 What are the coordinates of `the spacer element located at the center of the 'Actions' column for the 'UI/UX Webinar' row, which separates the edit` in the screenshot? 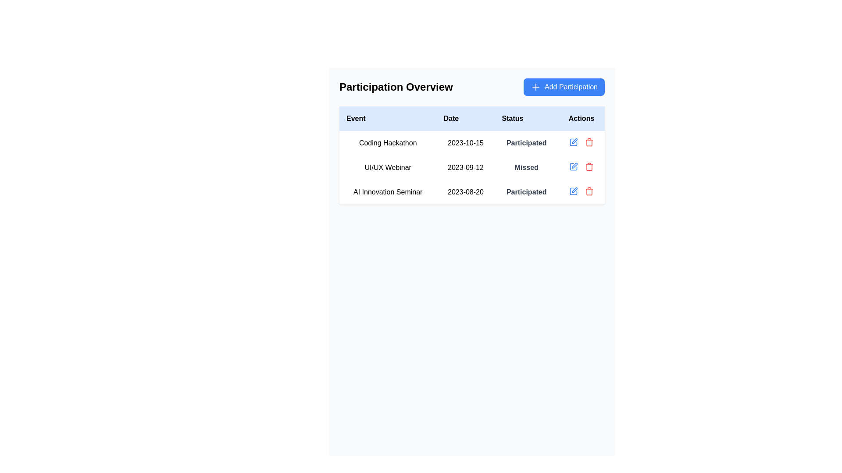 It's located at (581, 167).